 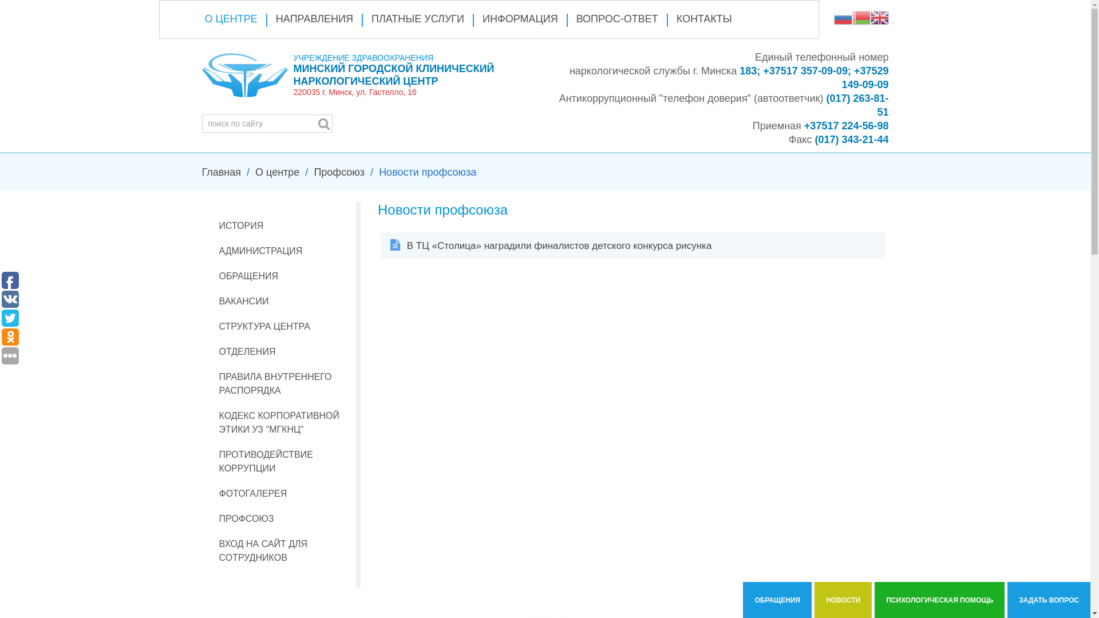 I want to click on 'Belarusian', so click(x=860, y=17).